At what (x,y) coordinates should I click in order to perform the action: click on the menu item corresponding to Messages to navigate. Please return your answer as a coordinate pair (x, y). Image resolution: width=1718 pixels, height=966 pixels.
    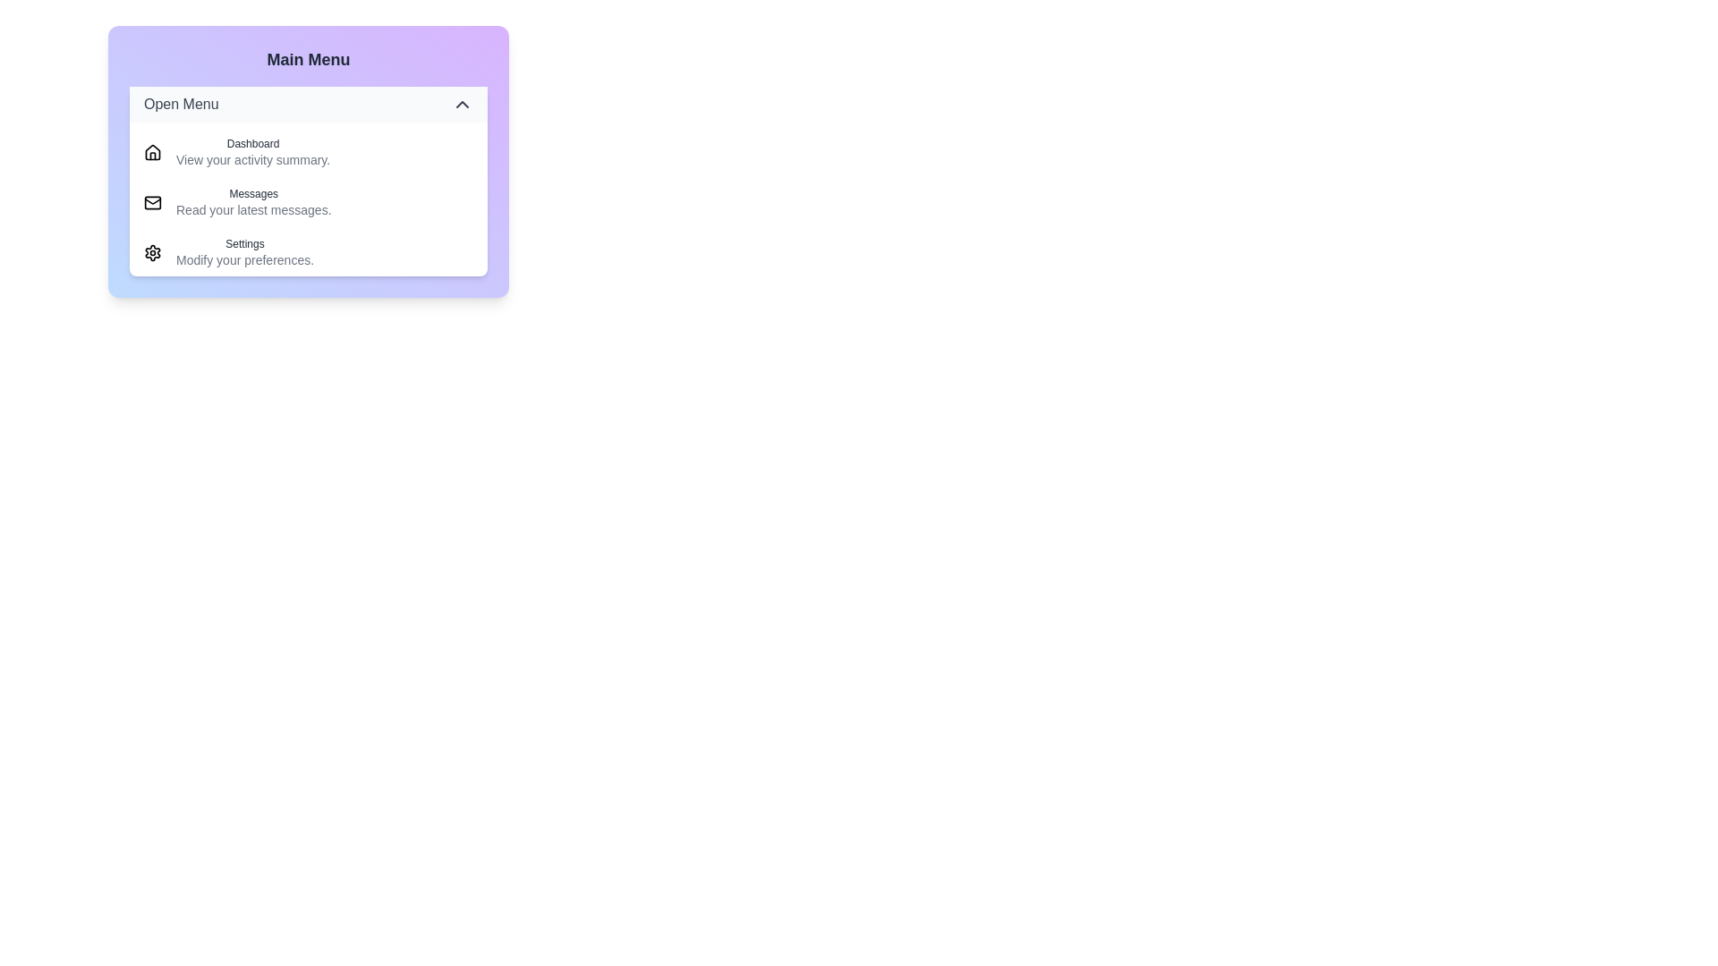
    Looking at the image, I should click on (309, 202).